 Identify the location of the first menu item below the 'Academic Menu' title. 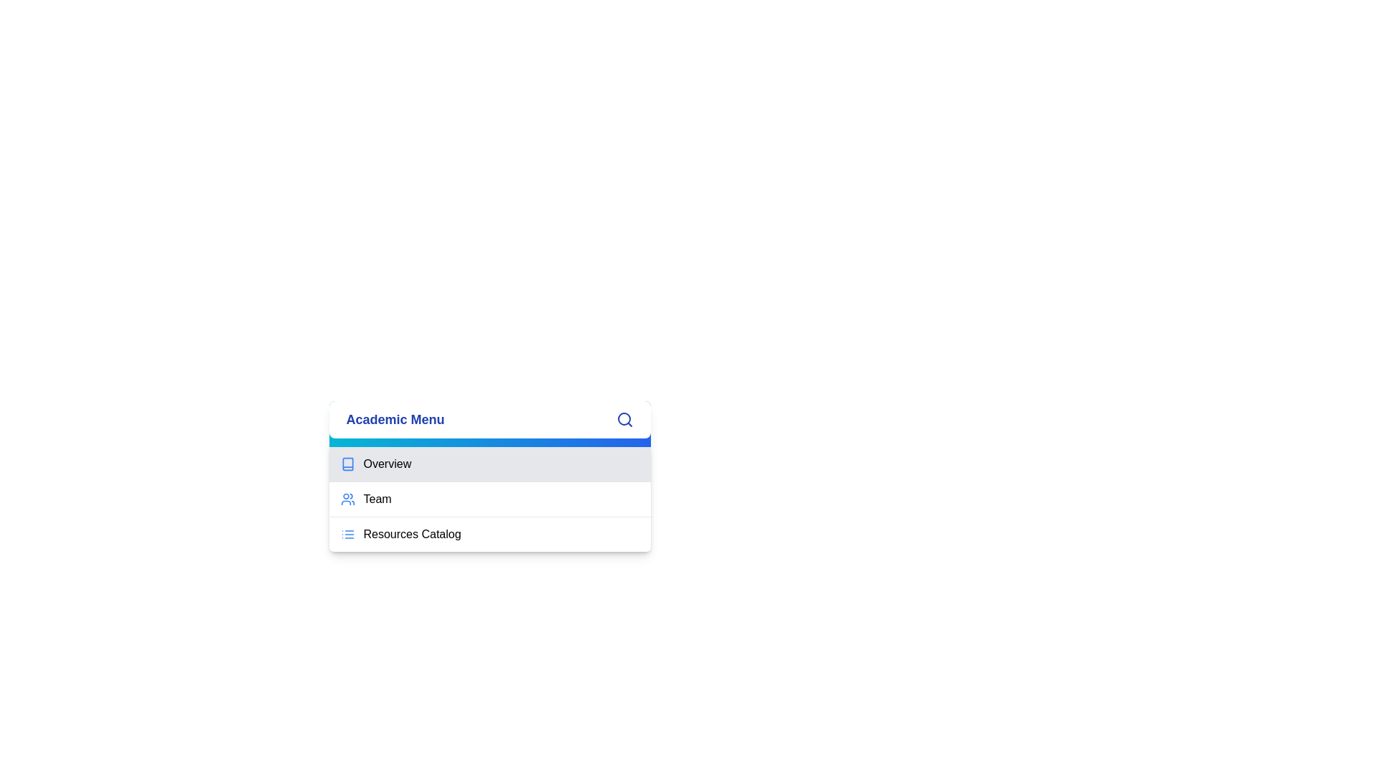
(489, 464).